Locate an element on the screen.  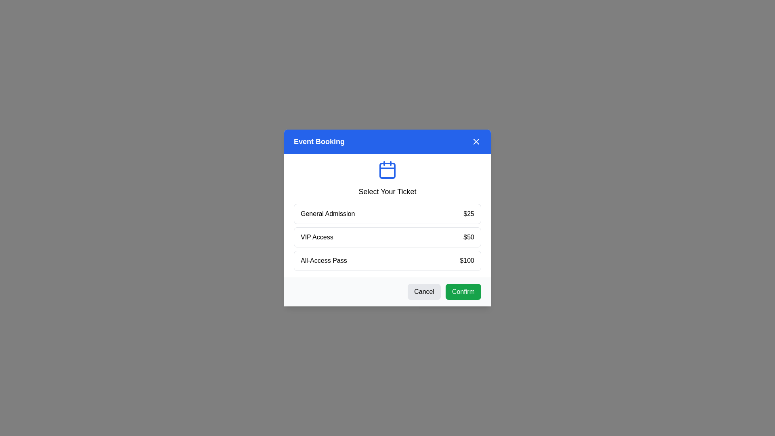
the price text element '$100' displayed in black font on a white background, located in the pricing section of the 'All-Access Pass' label is located at coordinates (467, 260).